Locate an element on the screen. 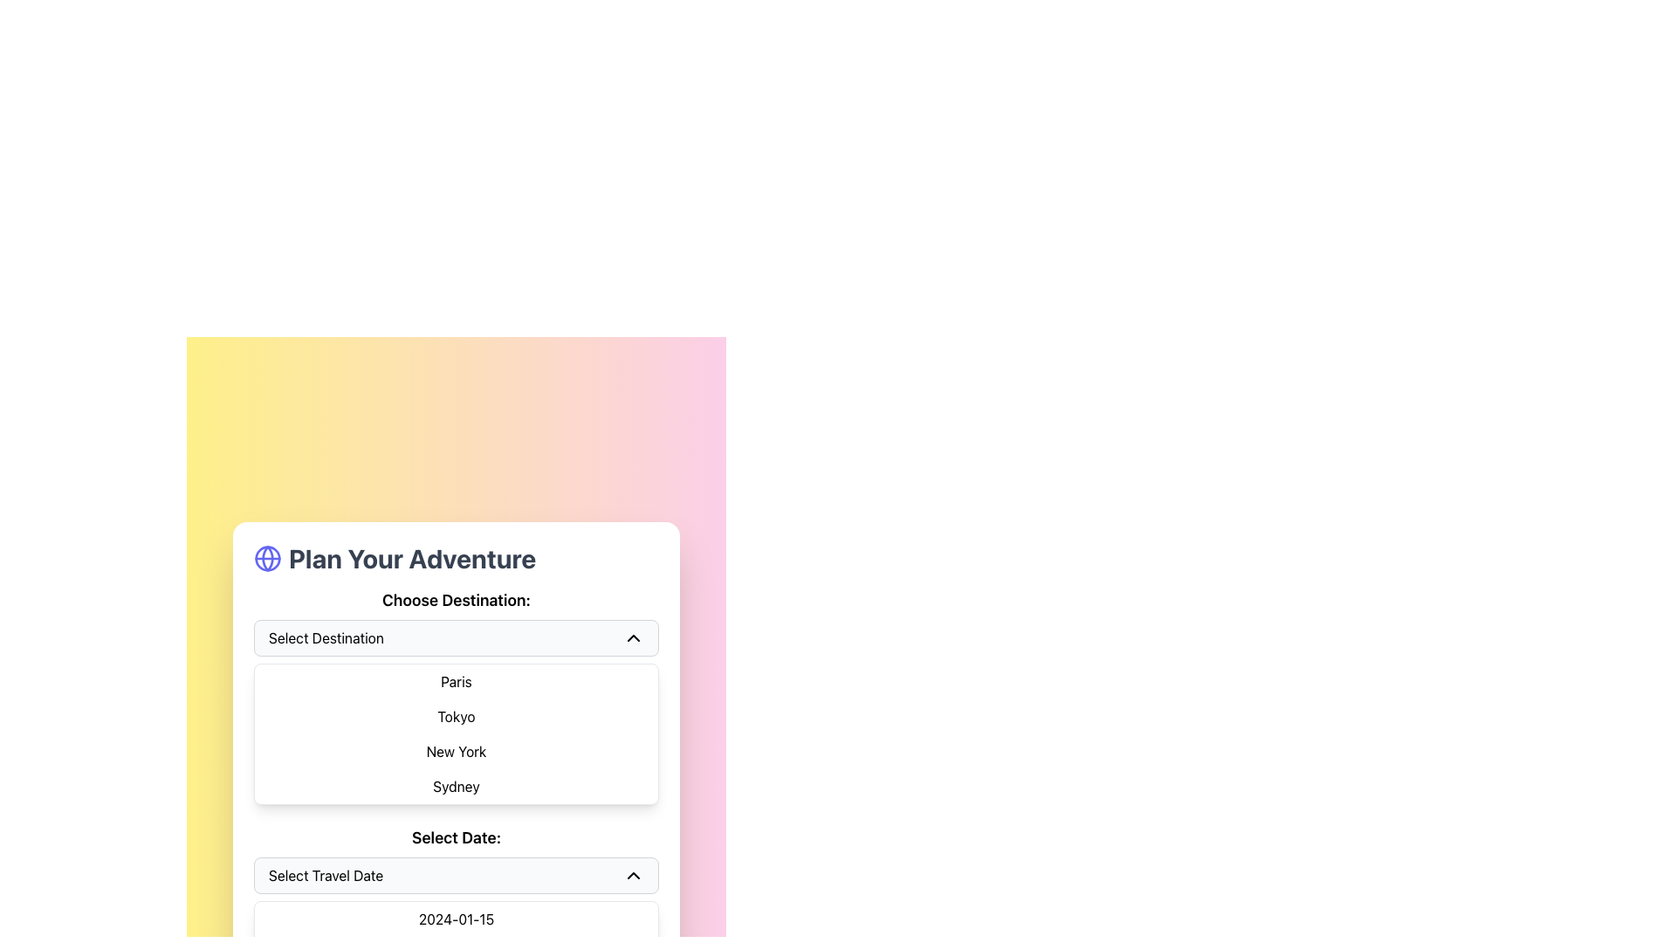 Image resolution: width=1676 pixels, height=943 pixels. the bold, large-sized text label that displays 'Choose Destination:' located at the top of the section for destination selection options is located at coordinates (457, 599).